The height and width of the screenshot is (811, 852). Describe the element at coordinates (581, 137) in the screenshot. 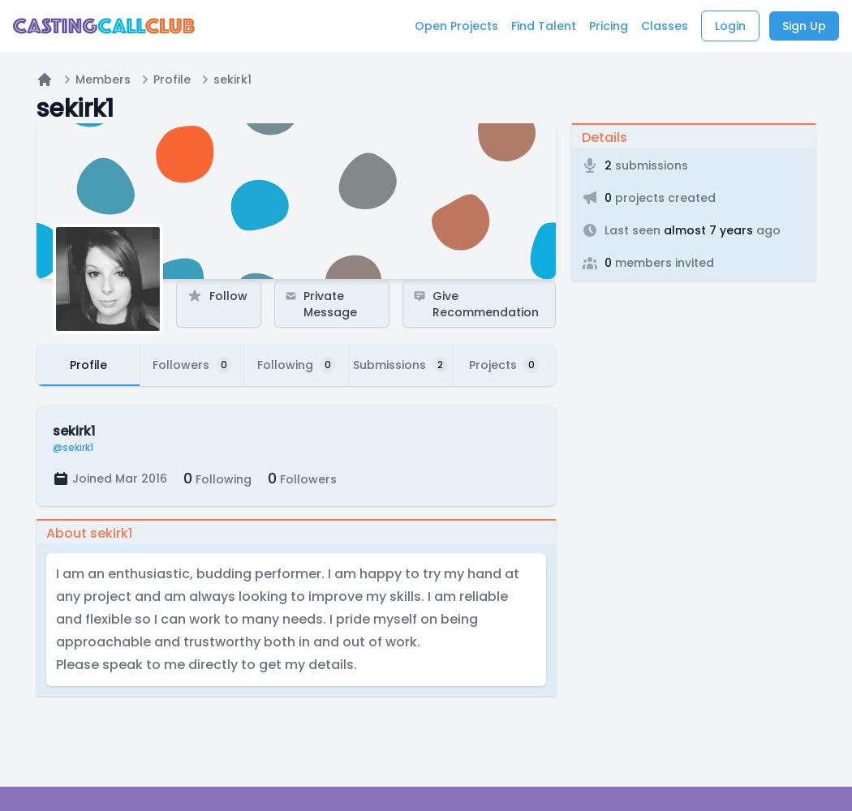

I see `'Details'` at that location.